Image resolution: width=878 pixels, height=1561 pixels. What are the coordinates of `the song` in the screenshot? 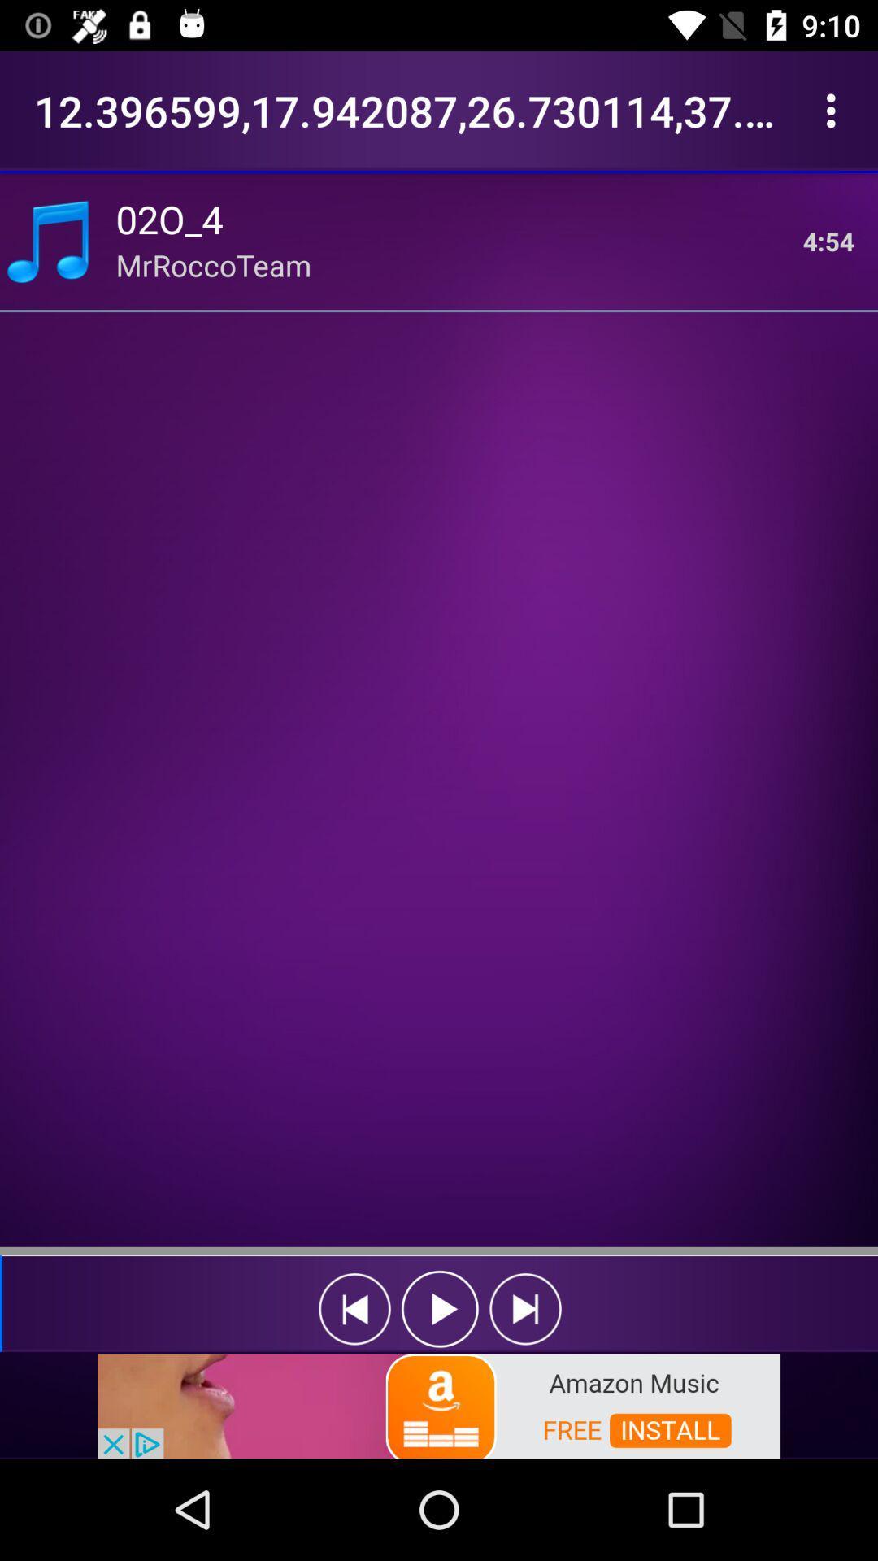 It's located at (440, 1309).